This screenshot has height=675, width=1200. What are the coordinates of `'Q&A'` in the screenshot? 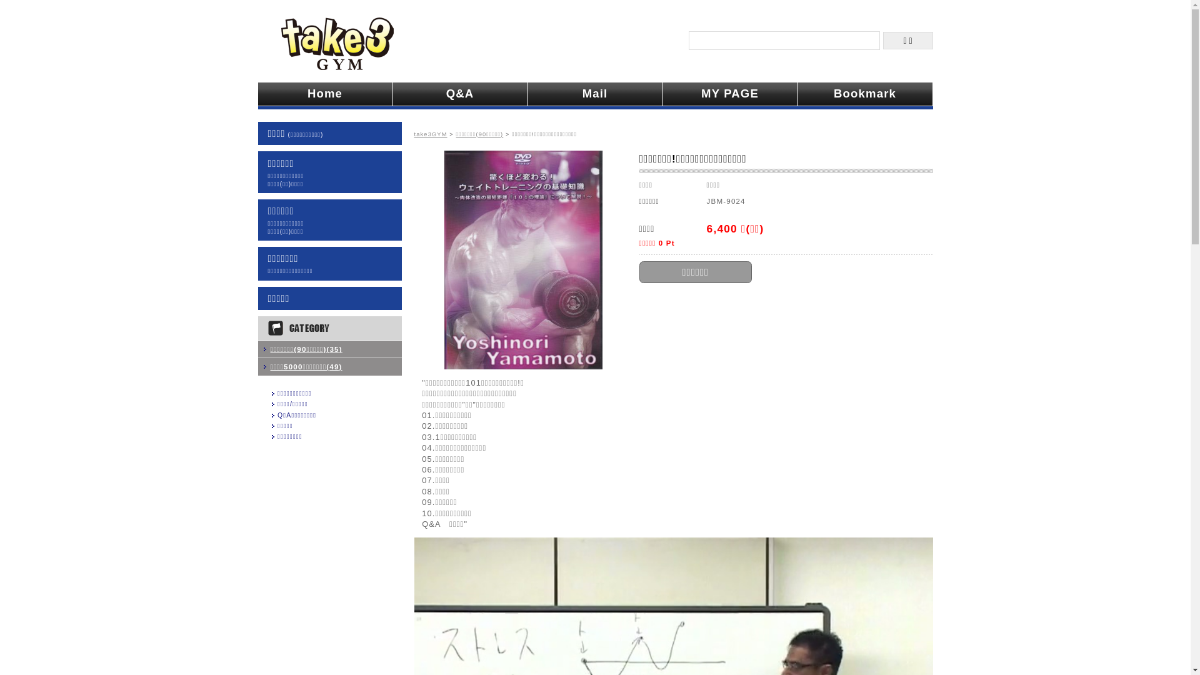 It's located at (459, 93).